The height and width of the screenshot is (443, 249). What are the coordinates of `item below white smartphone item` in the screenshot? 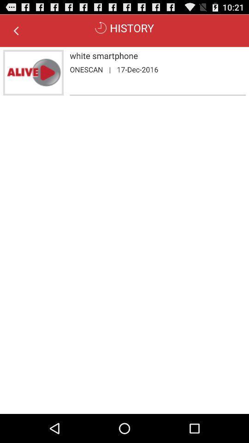 It's located at (86, 69).